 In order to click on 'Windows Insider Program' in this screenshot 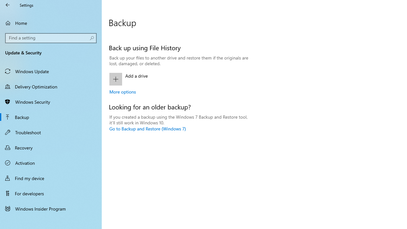, I will do `click(51, 208)`.